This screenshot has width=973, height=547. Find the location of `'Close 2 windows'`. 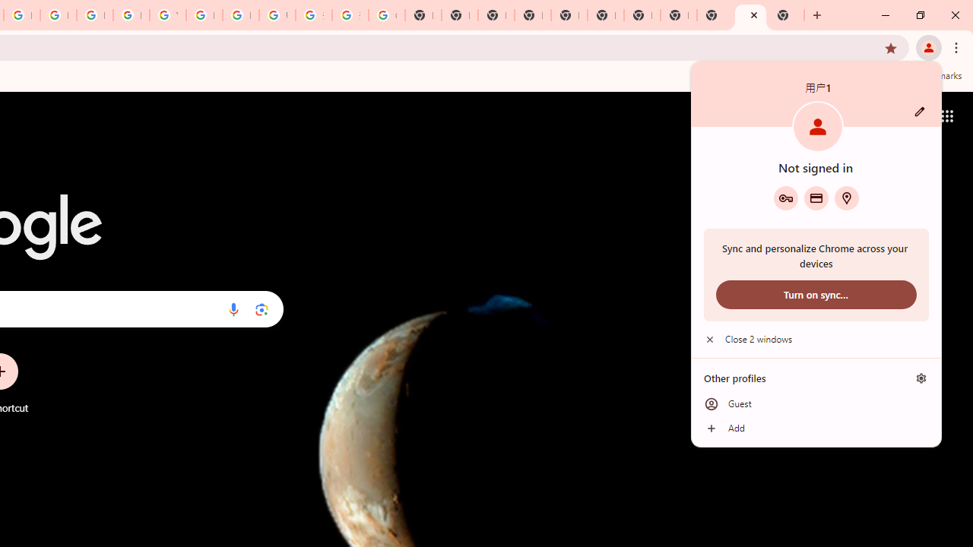

'Close 2 windows' is located at coordinates (815, 339).